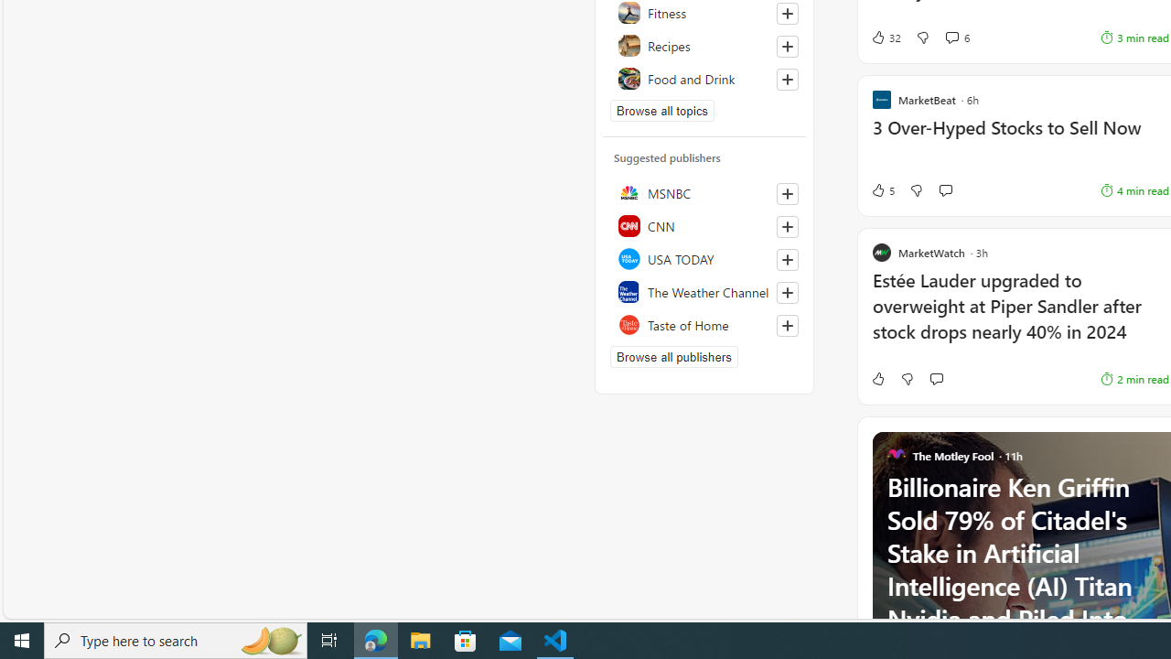 The image size is (1171, 659). What do you see at coordinates (882, 190) in the screenshot?
I see `'5 Like'` at bounding box center [882, 190].